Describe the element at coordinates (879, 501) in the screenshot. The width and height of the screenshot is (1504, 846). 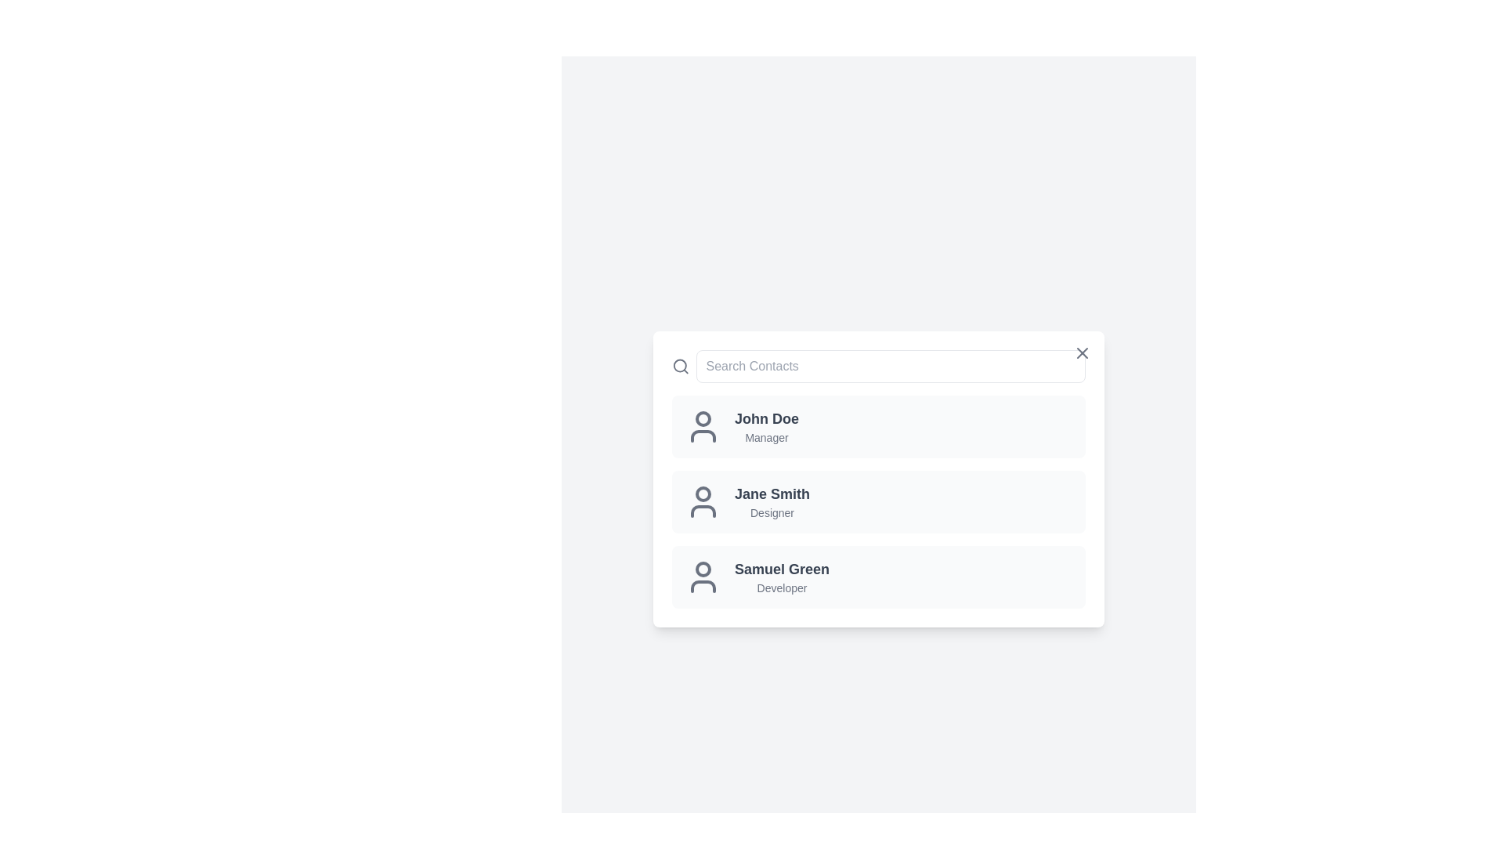
I see `the contact Jane Smith from the list` at that location.